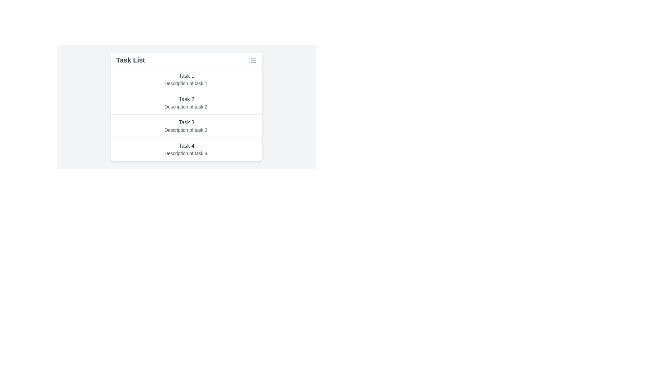 The height and width of the screenshot is (365, 649). What do you see at coordinates (253, 59) in the screenshot?
I see `the minimalist gray list-style icon located at the top-right corner of the 'Task List' panel, adjacent to the panel's header text` at bounding box center [253, 59].